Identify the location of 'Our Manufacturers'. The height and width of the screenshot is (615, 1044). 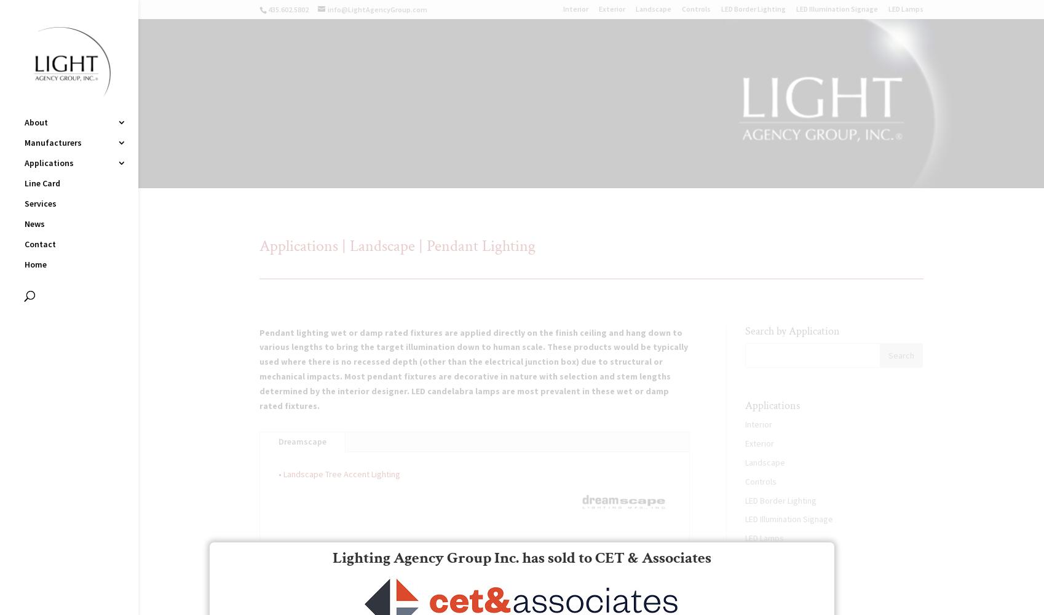
(786, 587).